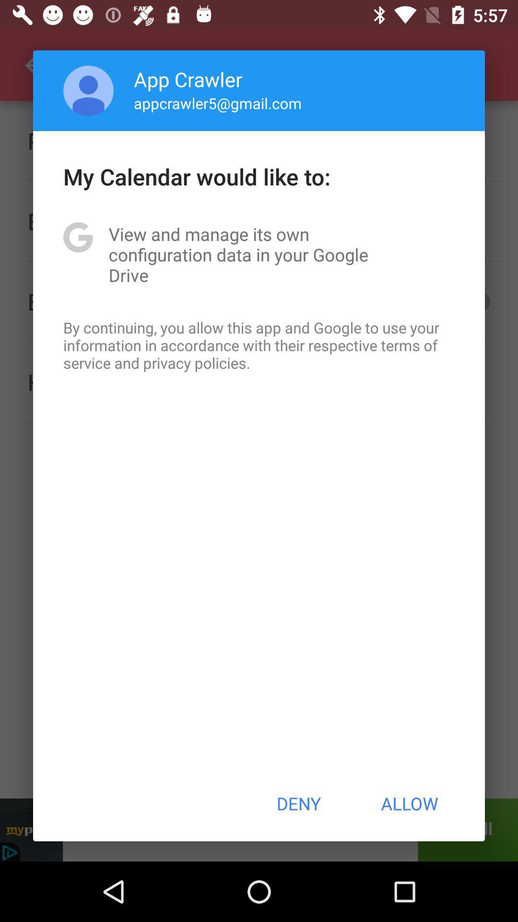  I want to click on the app above my calendar would app, so click(88, 90).